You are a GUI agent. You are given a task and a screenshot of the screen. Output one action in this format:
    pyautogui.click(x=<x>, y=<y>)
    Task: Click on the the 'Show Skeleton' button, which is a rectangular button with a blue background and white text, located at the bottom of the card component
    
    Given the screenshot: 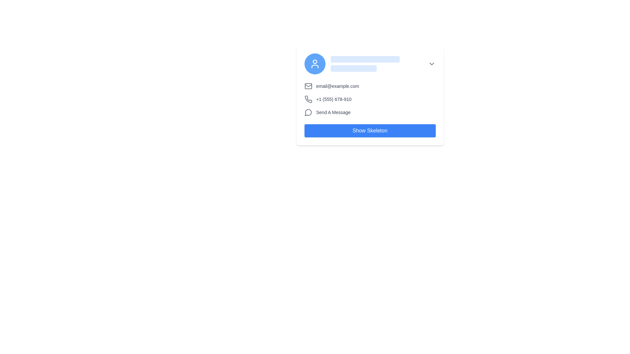 What is the action you would take?
    pyautogui.click(x=370, y=130)
    